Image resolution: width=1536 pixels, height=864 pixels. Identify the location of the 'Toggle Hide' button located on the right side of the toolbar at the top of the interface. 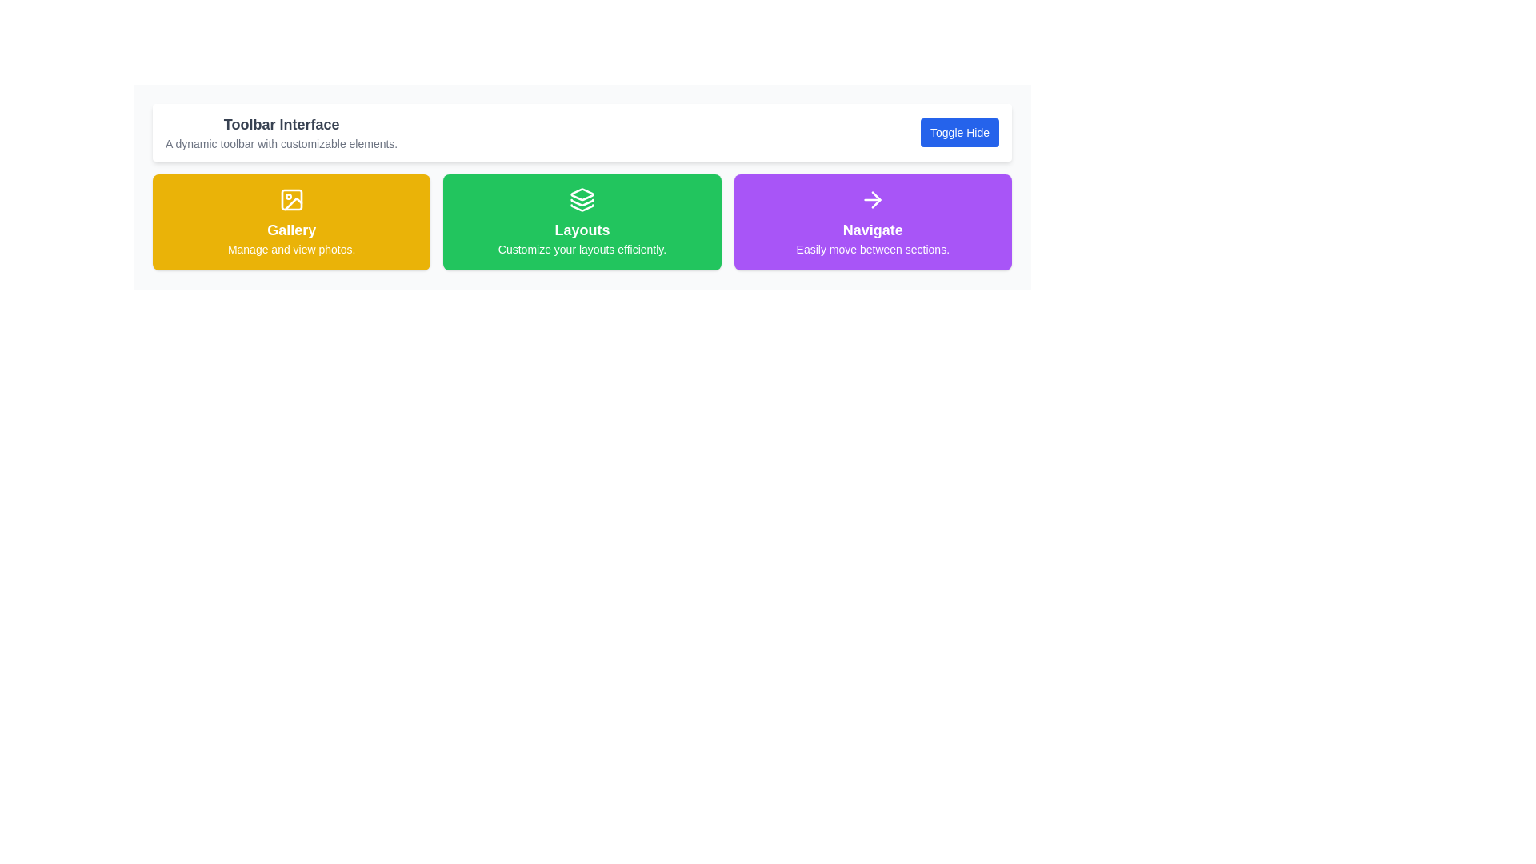
(960, 131).